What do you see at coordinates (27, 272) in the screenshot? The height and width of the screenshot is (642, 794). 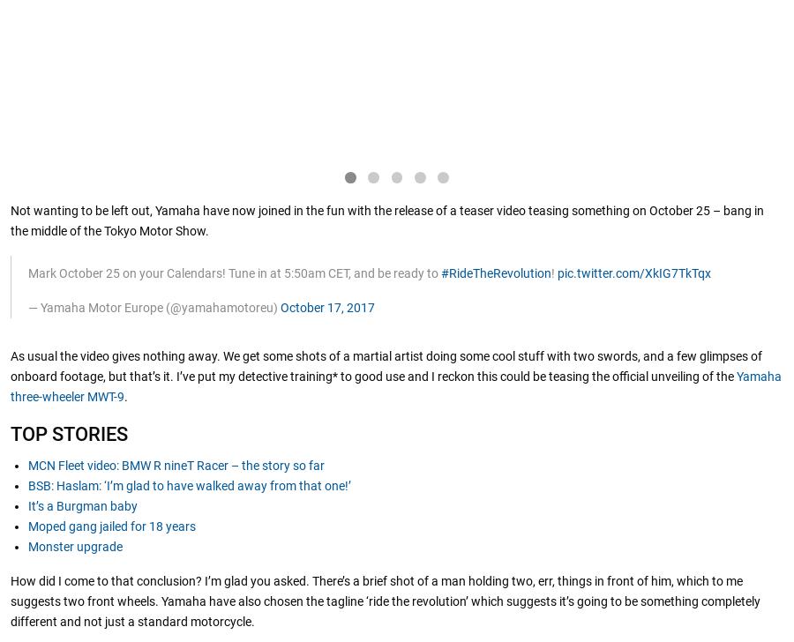 I see `'Mark October 25 on your Calendars! Tune in at 5:50am CET, and be ready to'` at bounding box center [27, 272].